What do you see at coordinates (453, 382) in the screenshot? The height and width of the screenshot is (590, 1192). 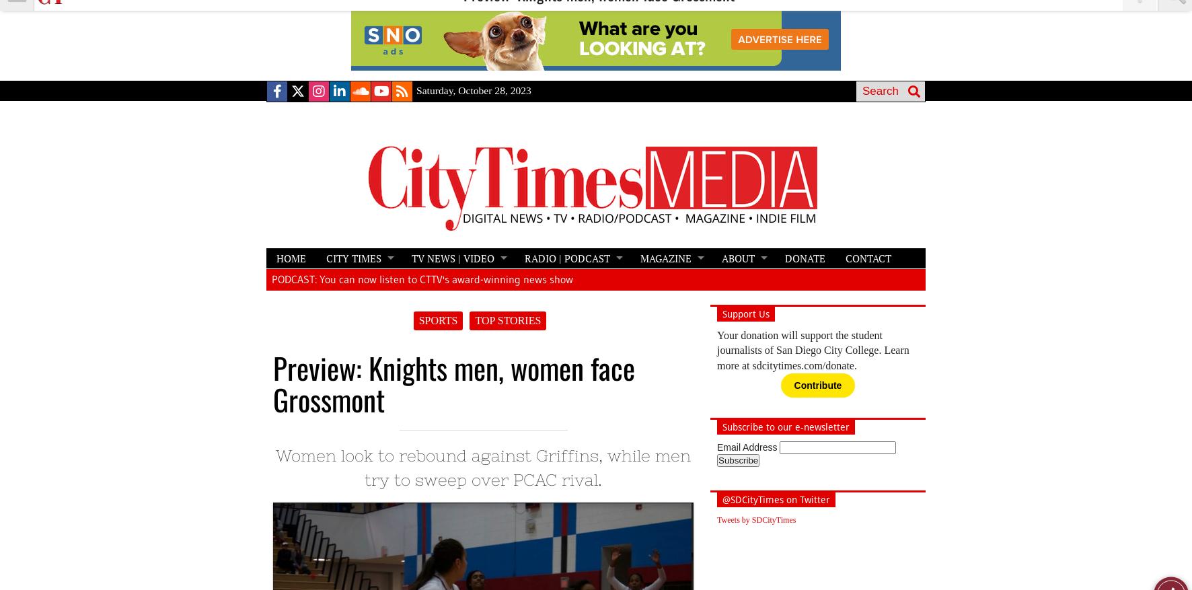 I see `'Preview: Knights men, women face Grossmont'` at bounding box center [453, 382].